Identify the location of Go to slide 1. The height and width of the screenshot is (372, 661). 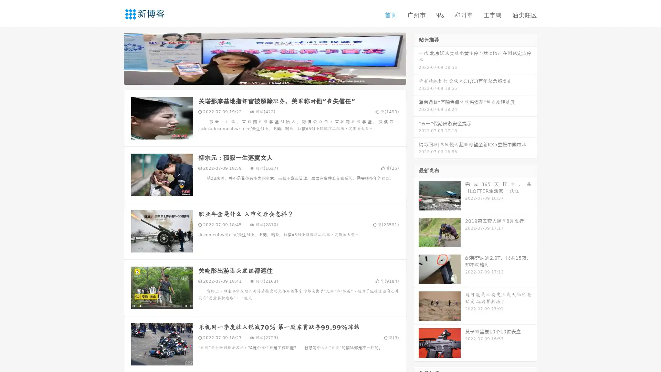
(258, 77).